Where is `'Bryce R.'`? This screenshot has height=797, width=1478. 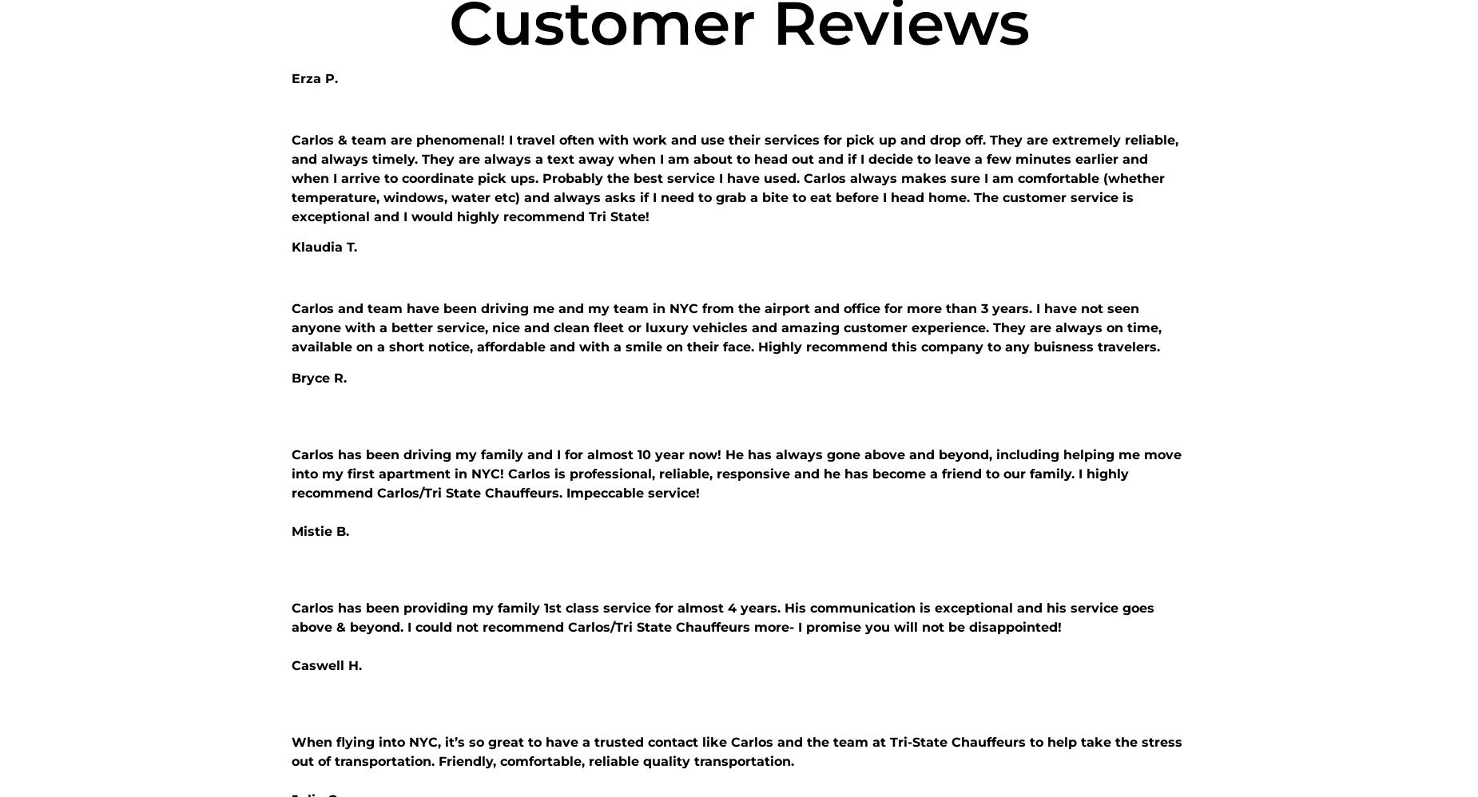 'Bryce R.' is located at coordinates (318, 376).